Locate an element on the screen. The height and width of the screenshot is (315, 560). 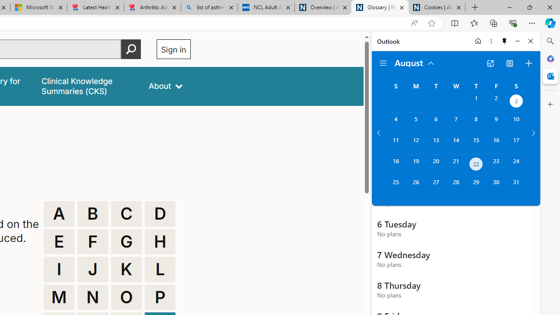
'Saturday, August 31, 2024. ' is located at coordinates (516, 185).